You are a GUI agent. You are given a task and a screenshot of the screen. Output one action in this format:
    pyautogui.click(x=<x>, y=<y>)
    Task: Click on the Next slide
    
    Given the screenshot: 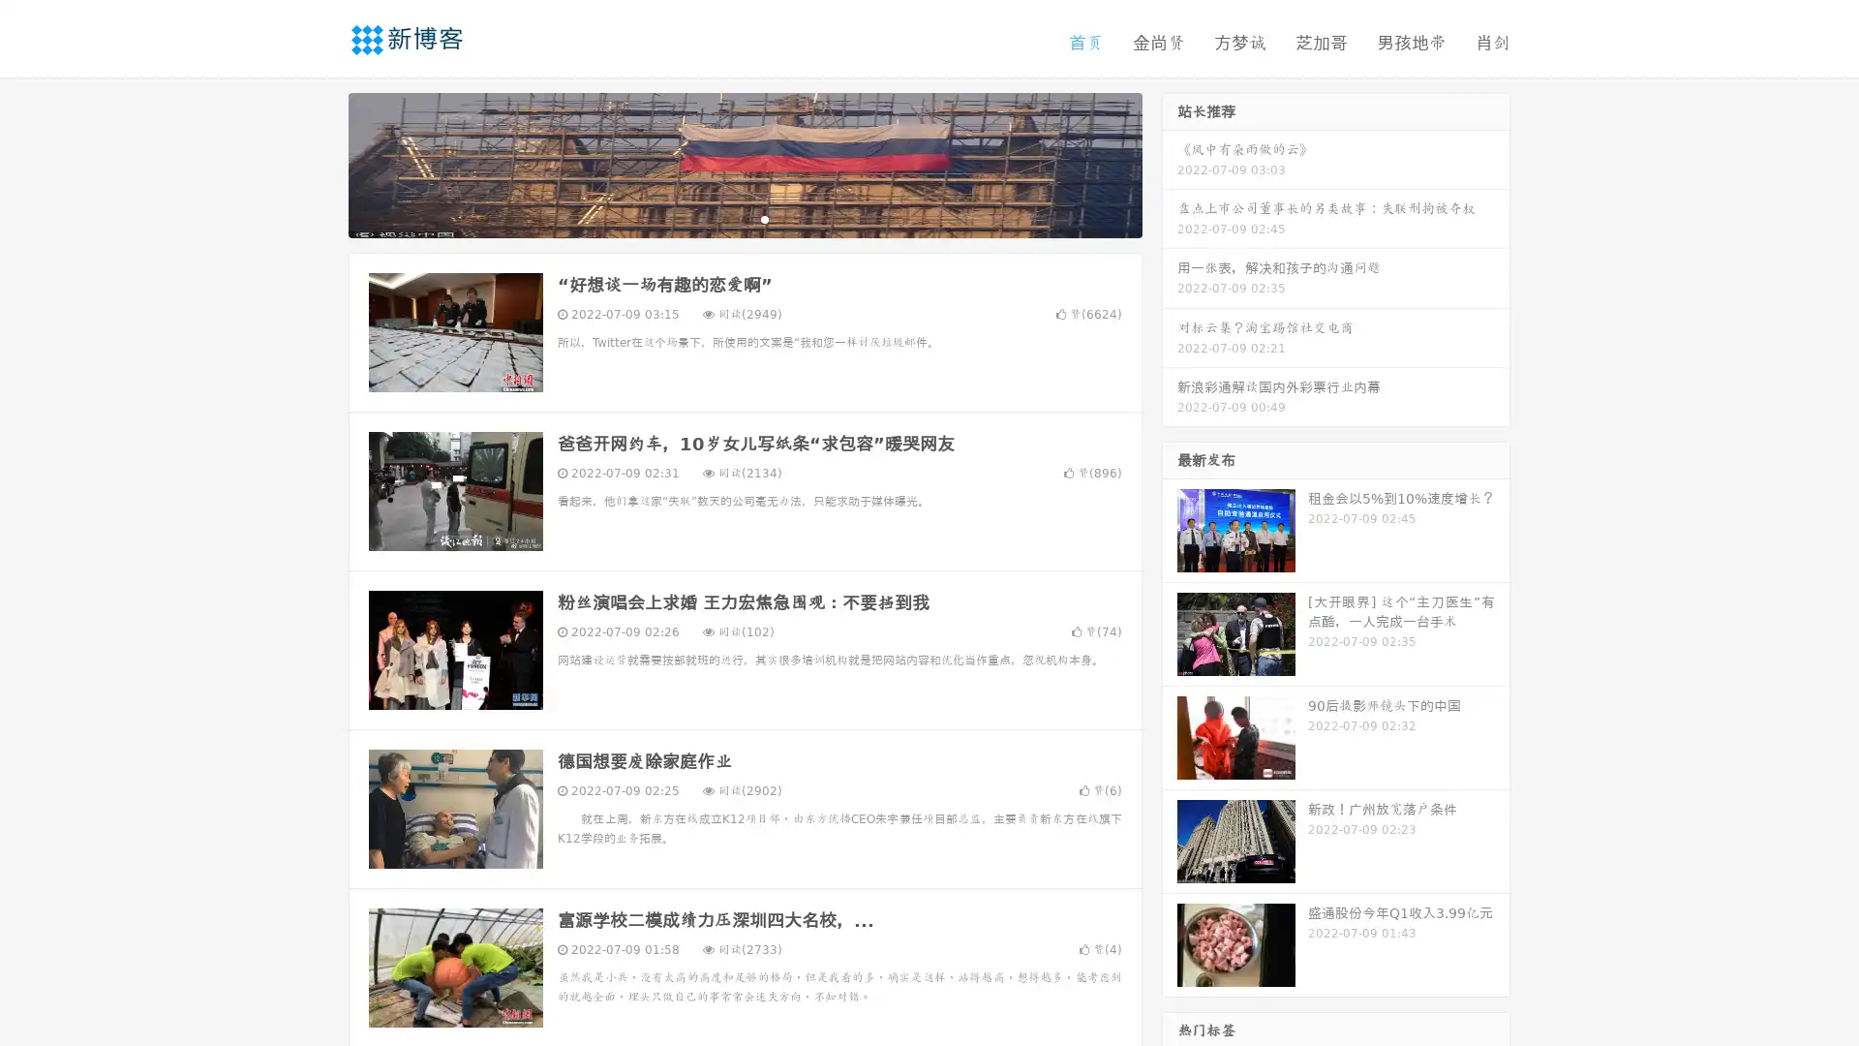 What is the action you would take?
    pyautogui.click(x=1170, y=163)
    